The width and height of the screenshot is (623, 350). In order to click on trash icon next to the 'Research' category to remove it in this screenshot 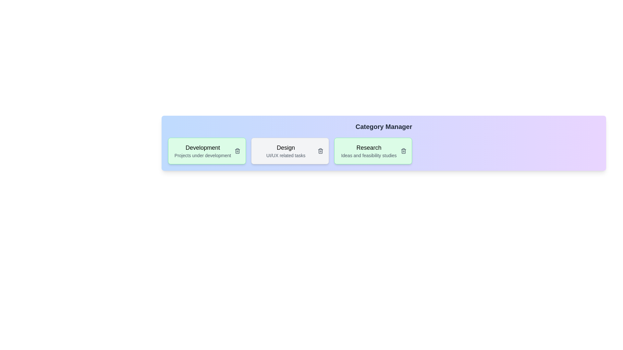, I will do `click(403, 151)`.